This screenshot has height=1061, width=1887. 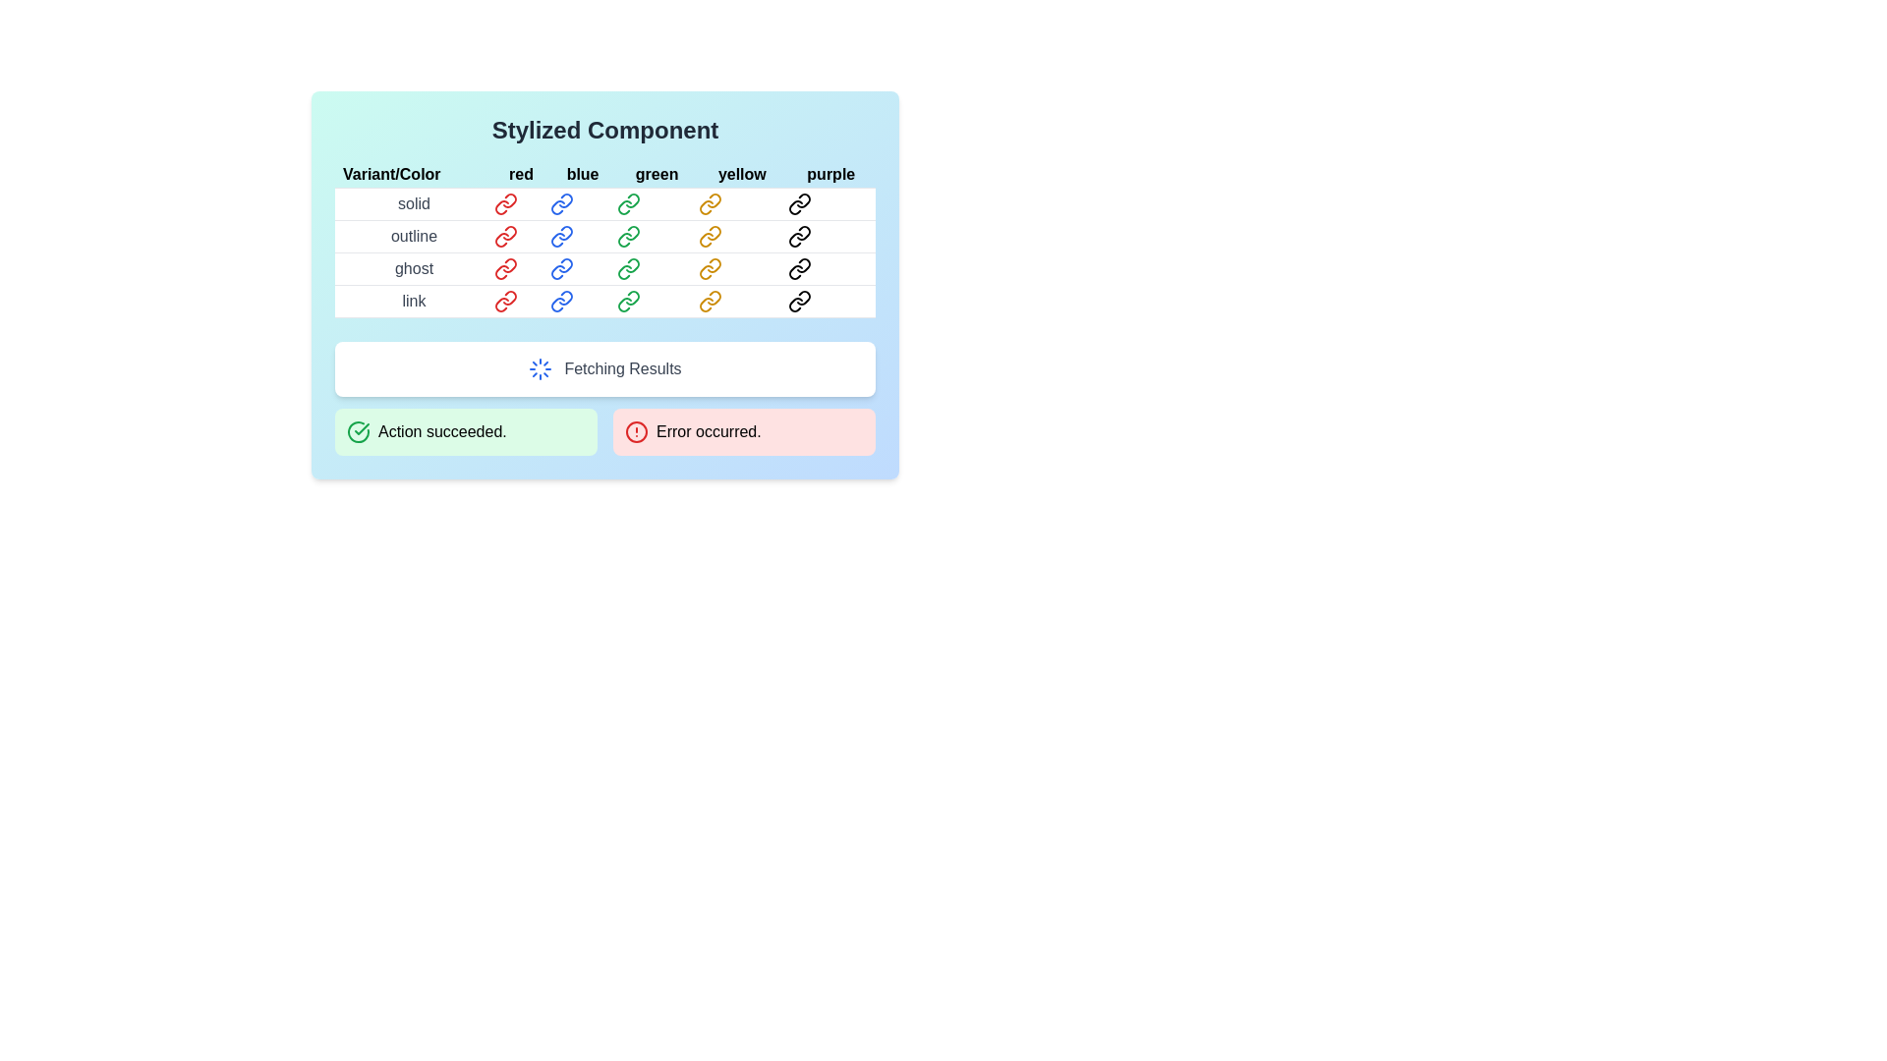 I want to click on the 'ghost' label, which is the first cell in the third row of the table under the 'Variant/Color' heading in the 'Stylized Component' card, so click(x=413, y=268).